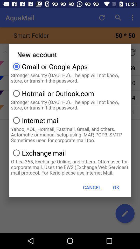 The height and width of the screenshot is (249, 140). I want to click on icon at the bottom right corner, so click(116, 187).